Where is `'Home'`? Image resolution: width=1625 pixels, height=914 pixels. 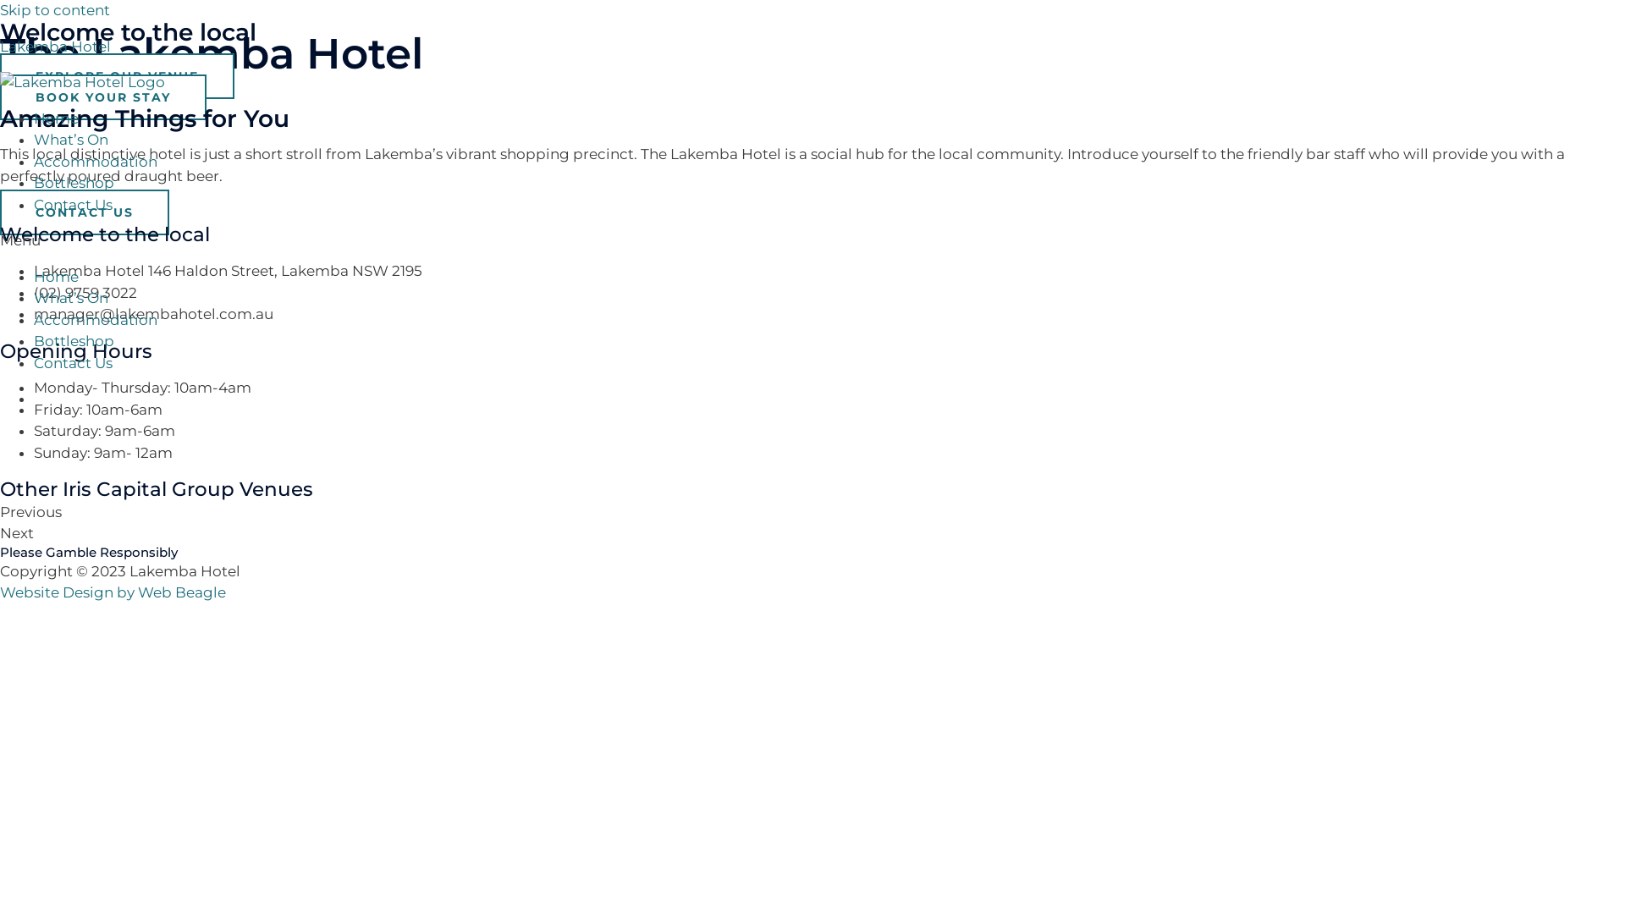 'Home' is located at coordinates (56, 275).